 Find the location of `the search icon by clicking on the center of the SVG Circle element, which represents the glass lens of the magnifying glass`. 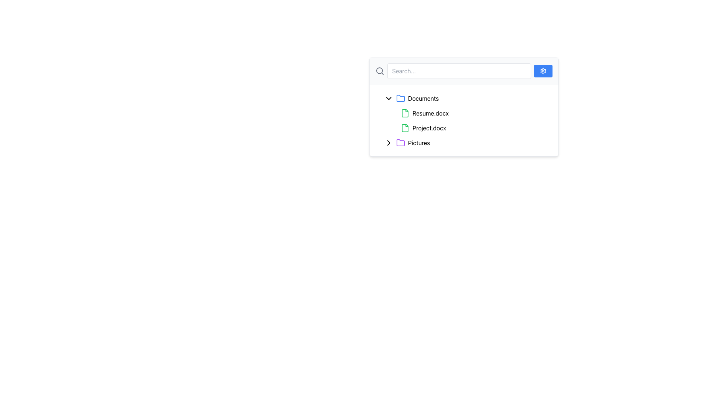

the search icon by clicking on the center of the SVG Circle element, which represents the glass lens of the magnifying glass is located at coordinates (380, 71).